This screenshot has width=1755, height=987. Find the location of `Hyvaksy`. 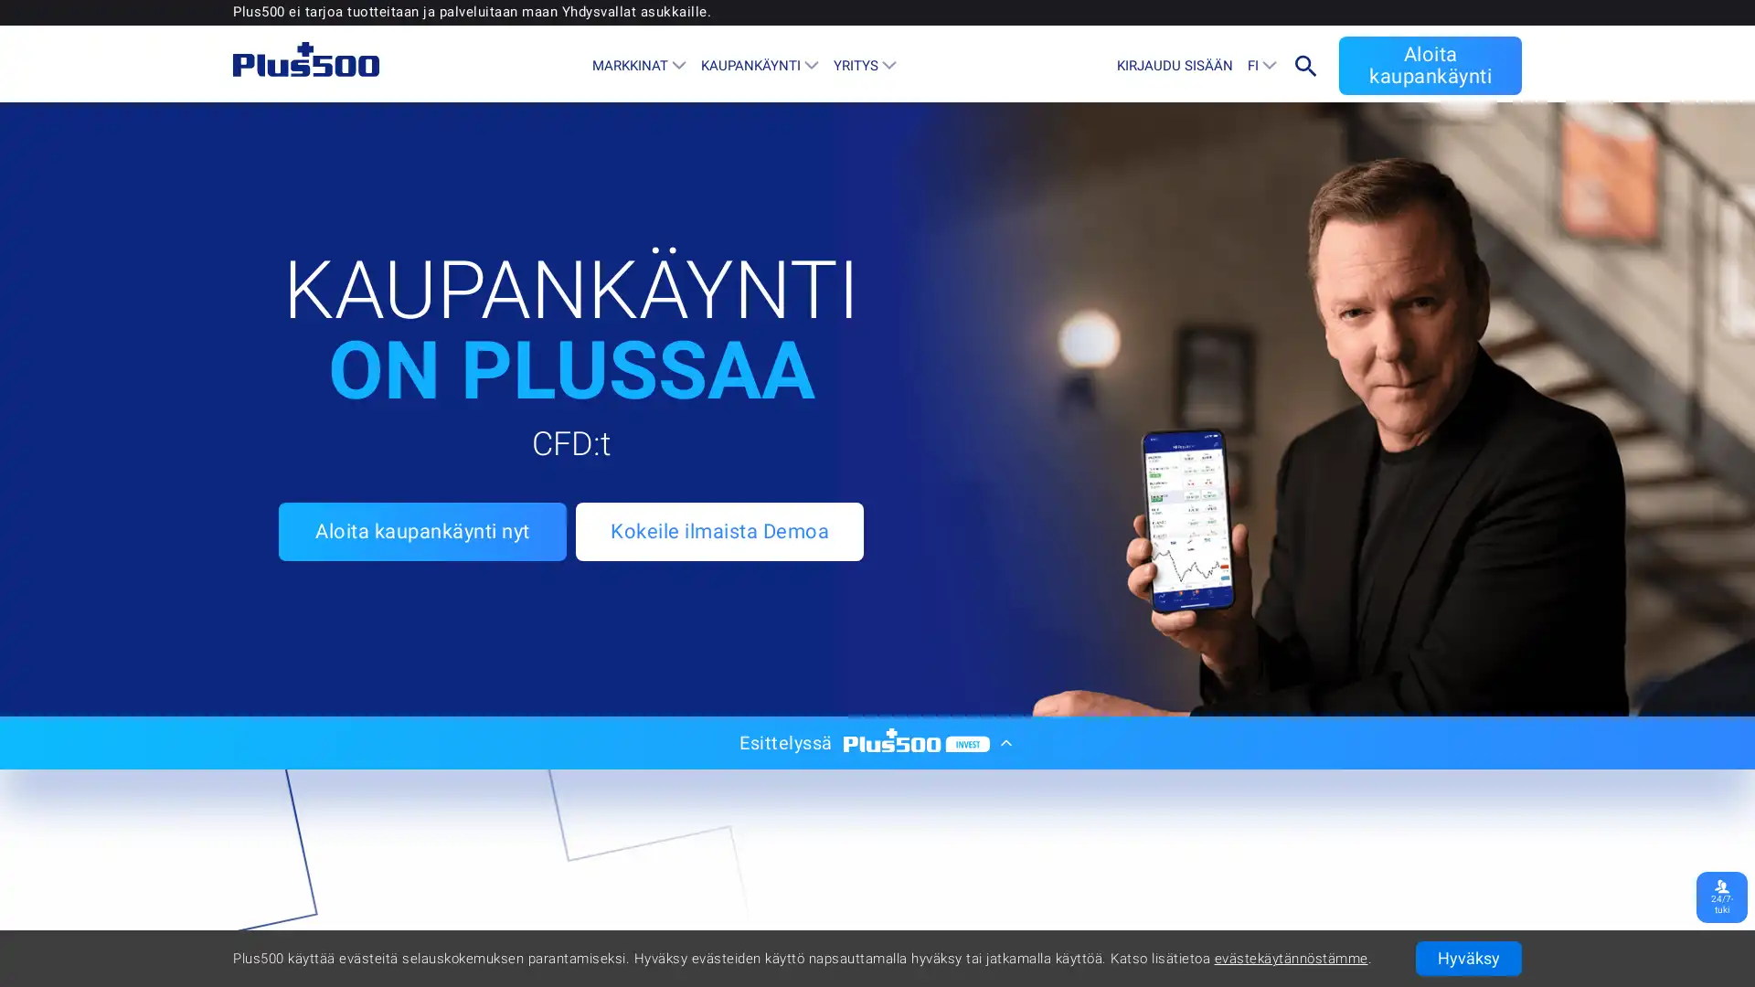

Hyvaksy is located at coordinates (1469, 958).